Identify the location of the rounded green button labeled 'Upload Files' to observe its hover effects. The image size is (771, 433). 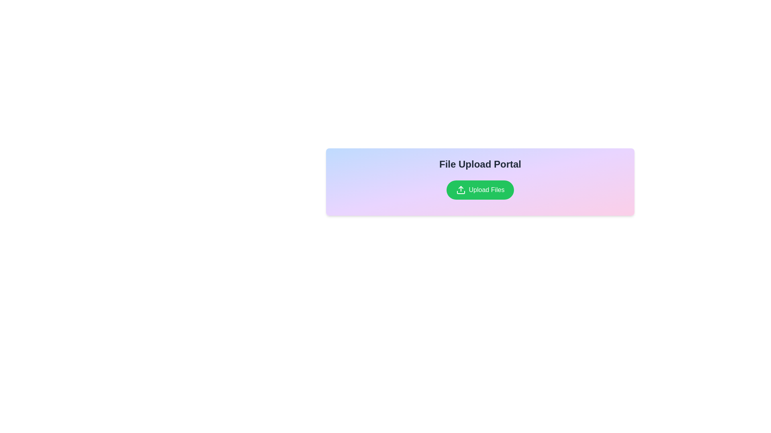
(480, 190).